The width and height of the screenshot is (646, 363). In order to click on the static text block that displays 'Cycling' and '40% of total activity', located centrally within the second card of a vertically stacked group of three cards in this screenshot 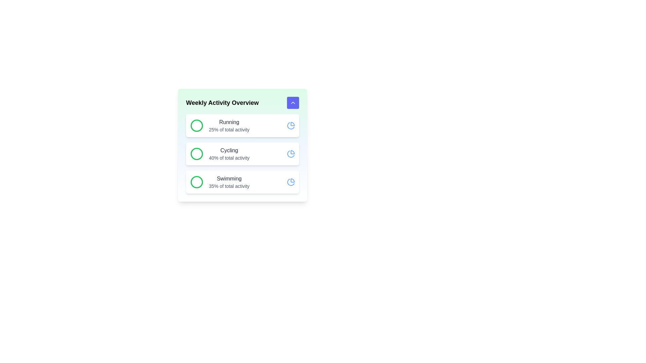, I will do `click(229, 154)`.